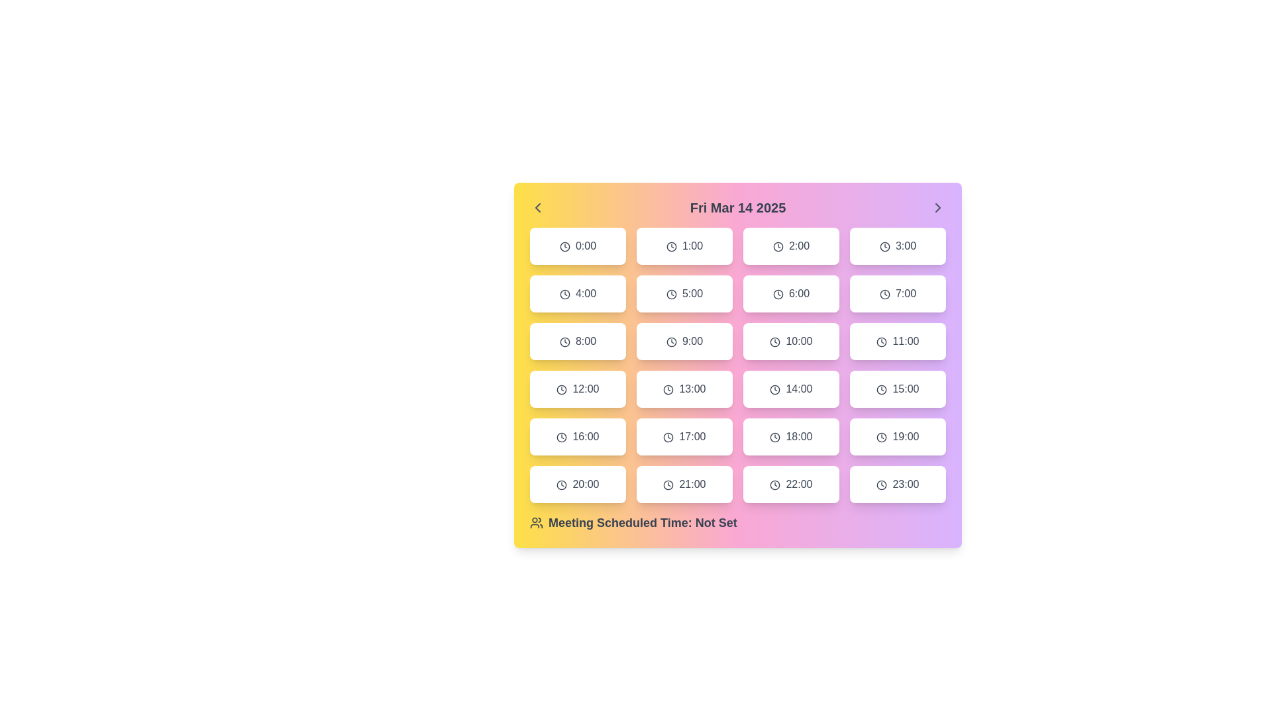  Describe the element at coordinates (578, 246) in the screenshot. I see `the square card button with a white background and inline clock icon, labeled '0:00', located at the top-left corner of the grid layout` at that location.